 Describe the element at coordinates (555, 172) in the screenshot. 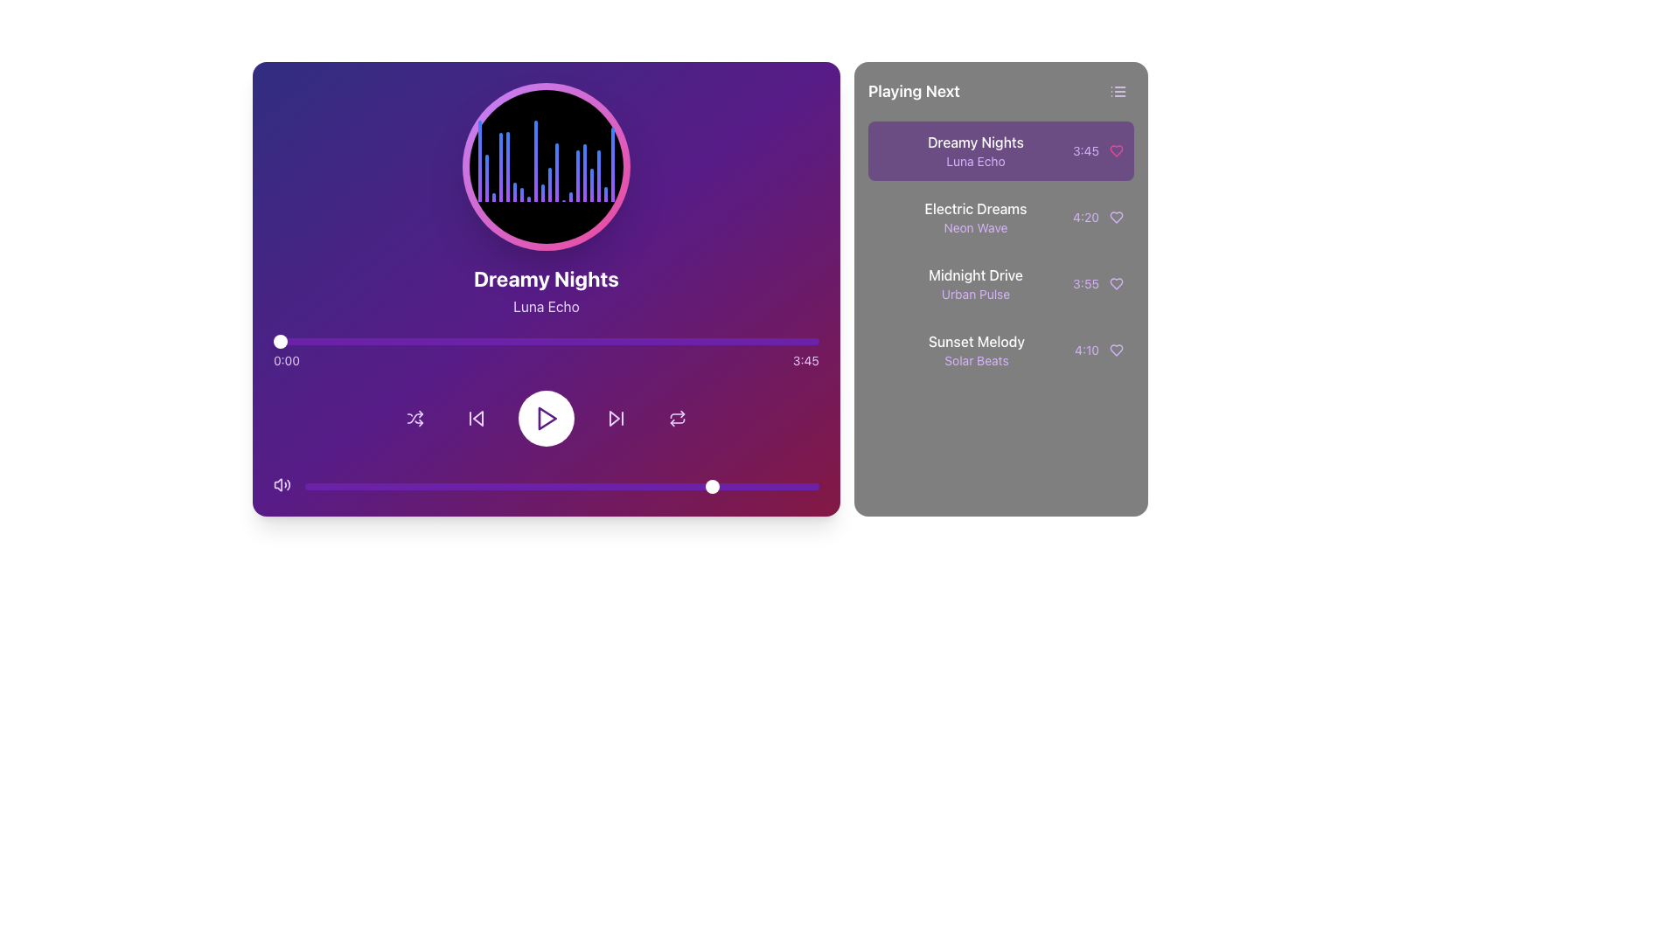

I see `the 13th vertical bar in the audio visualization component, which has a gradient color from purple at the bottom to blue at the top and a rounded top` at that location.